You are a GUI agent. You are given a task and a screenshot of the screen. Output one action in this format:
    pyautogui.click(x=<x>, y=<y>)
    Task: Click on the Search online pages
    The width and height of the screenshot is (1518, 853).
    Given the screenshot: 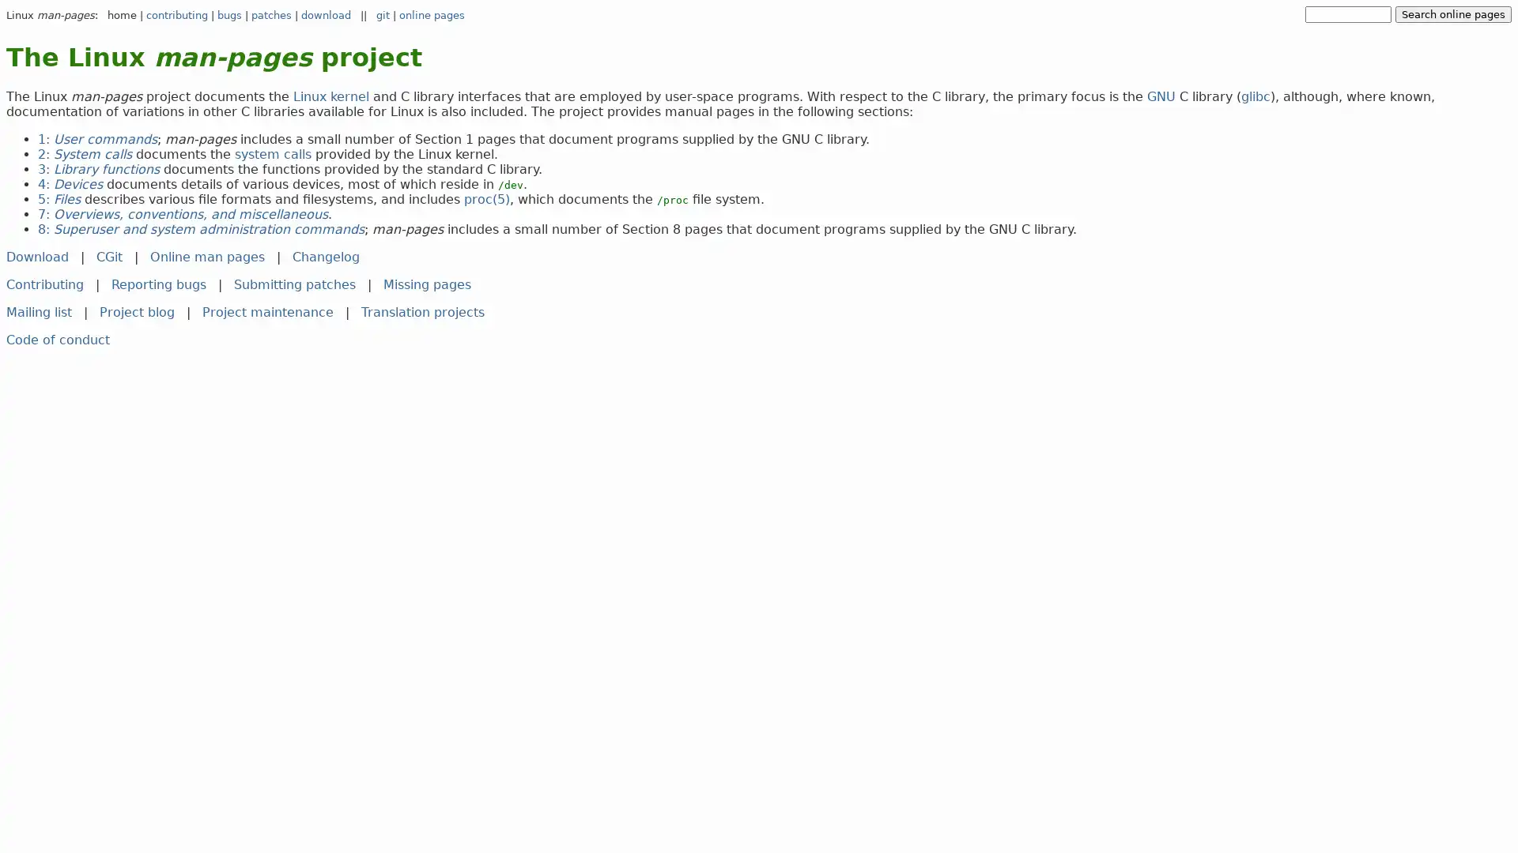 What is the action you would take?
    pyautogui.click(x=1453, y=14)
    